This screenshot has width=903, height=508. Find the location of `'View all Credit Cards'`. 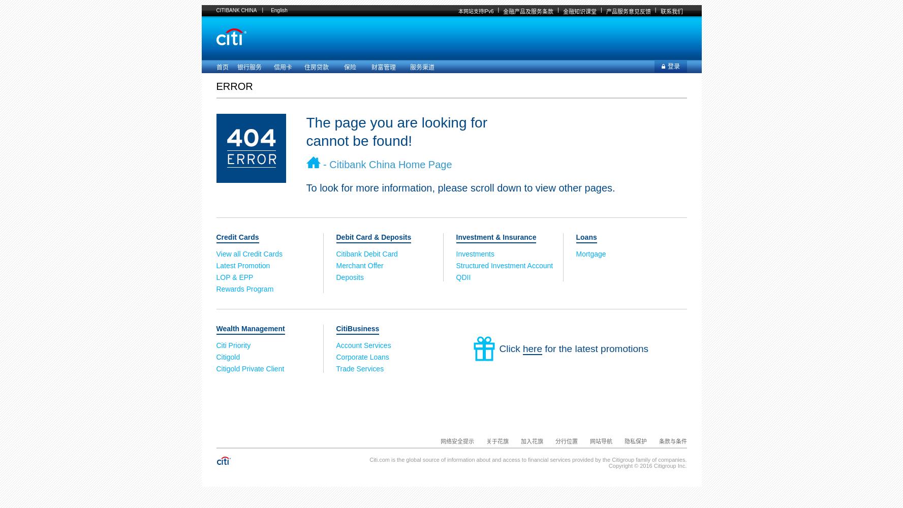

'View all Credit Cards' is located at coordinates (250, 254).